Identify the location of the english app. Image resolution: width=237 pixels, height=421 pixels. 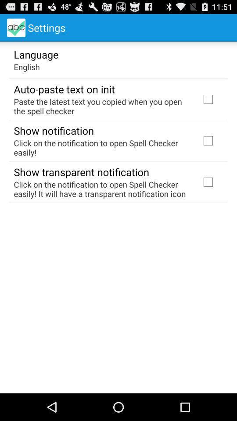
(27, 66).